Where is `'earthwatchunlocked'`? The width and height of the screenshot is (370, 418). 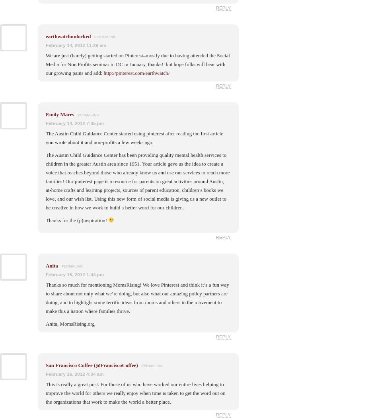 'earthwatchunlocked' is located at coordinates (46, 36).